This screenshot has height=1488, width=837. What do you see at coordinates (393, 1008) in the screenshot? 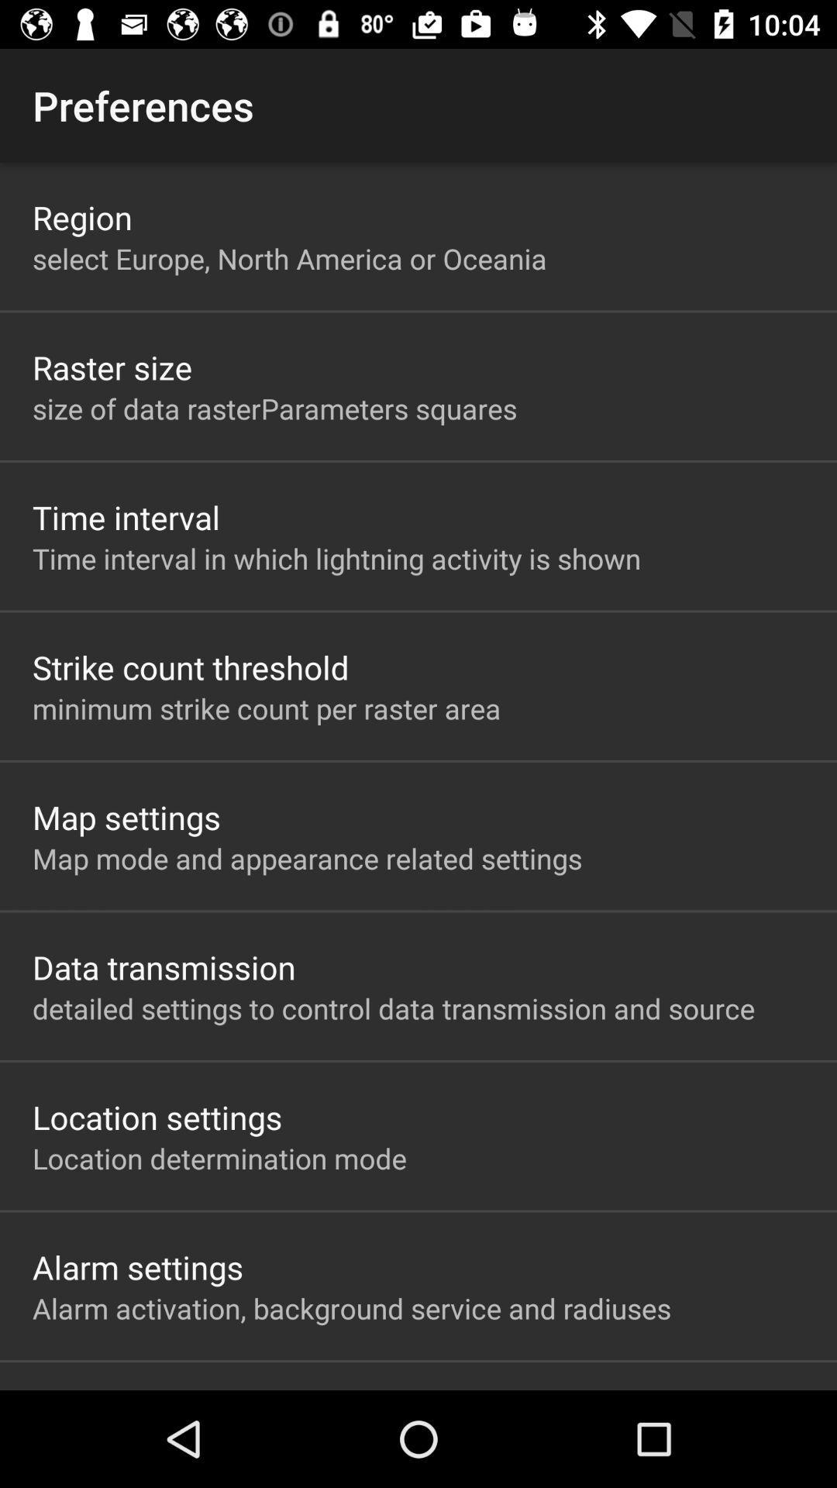
I see `app below the data transmission` at bounding box center [393, 1008].